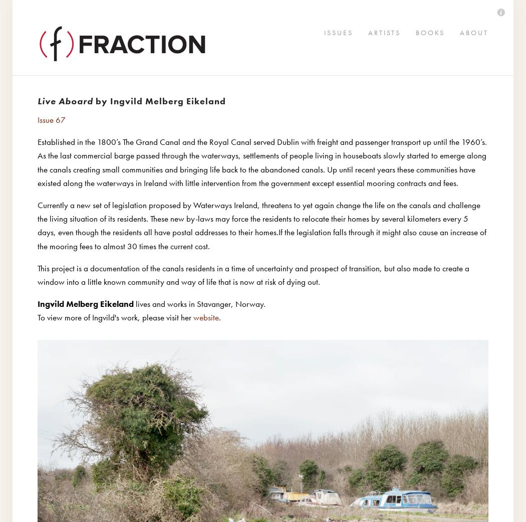  I want to click on 'Artists', so click(46, 41).